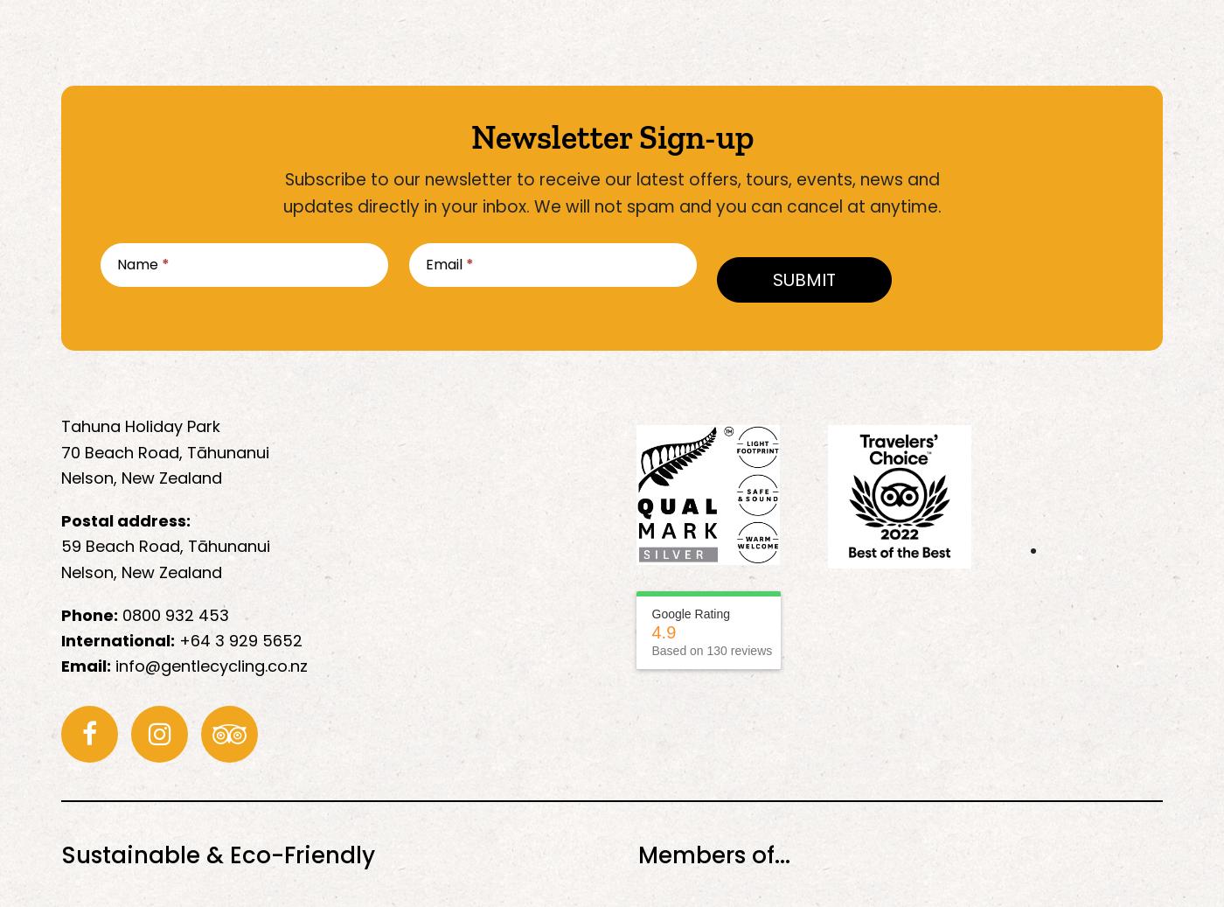 This screenshot has height=907, width=1224. What do you see at coordinates (663, 631) in the screenshot?
I see `'4.9'` at bounding box center [663, 631].